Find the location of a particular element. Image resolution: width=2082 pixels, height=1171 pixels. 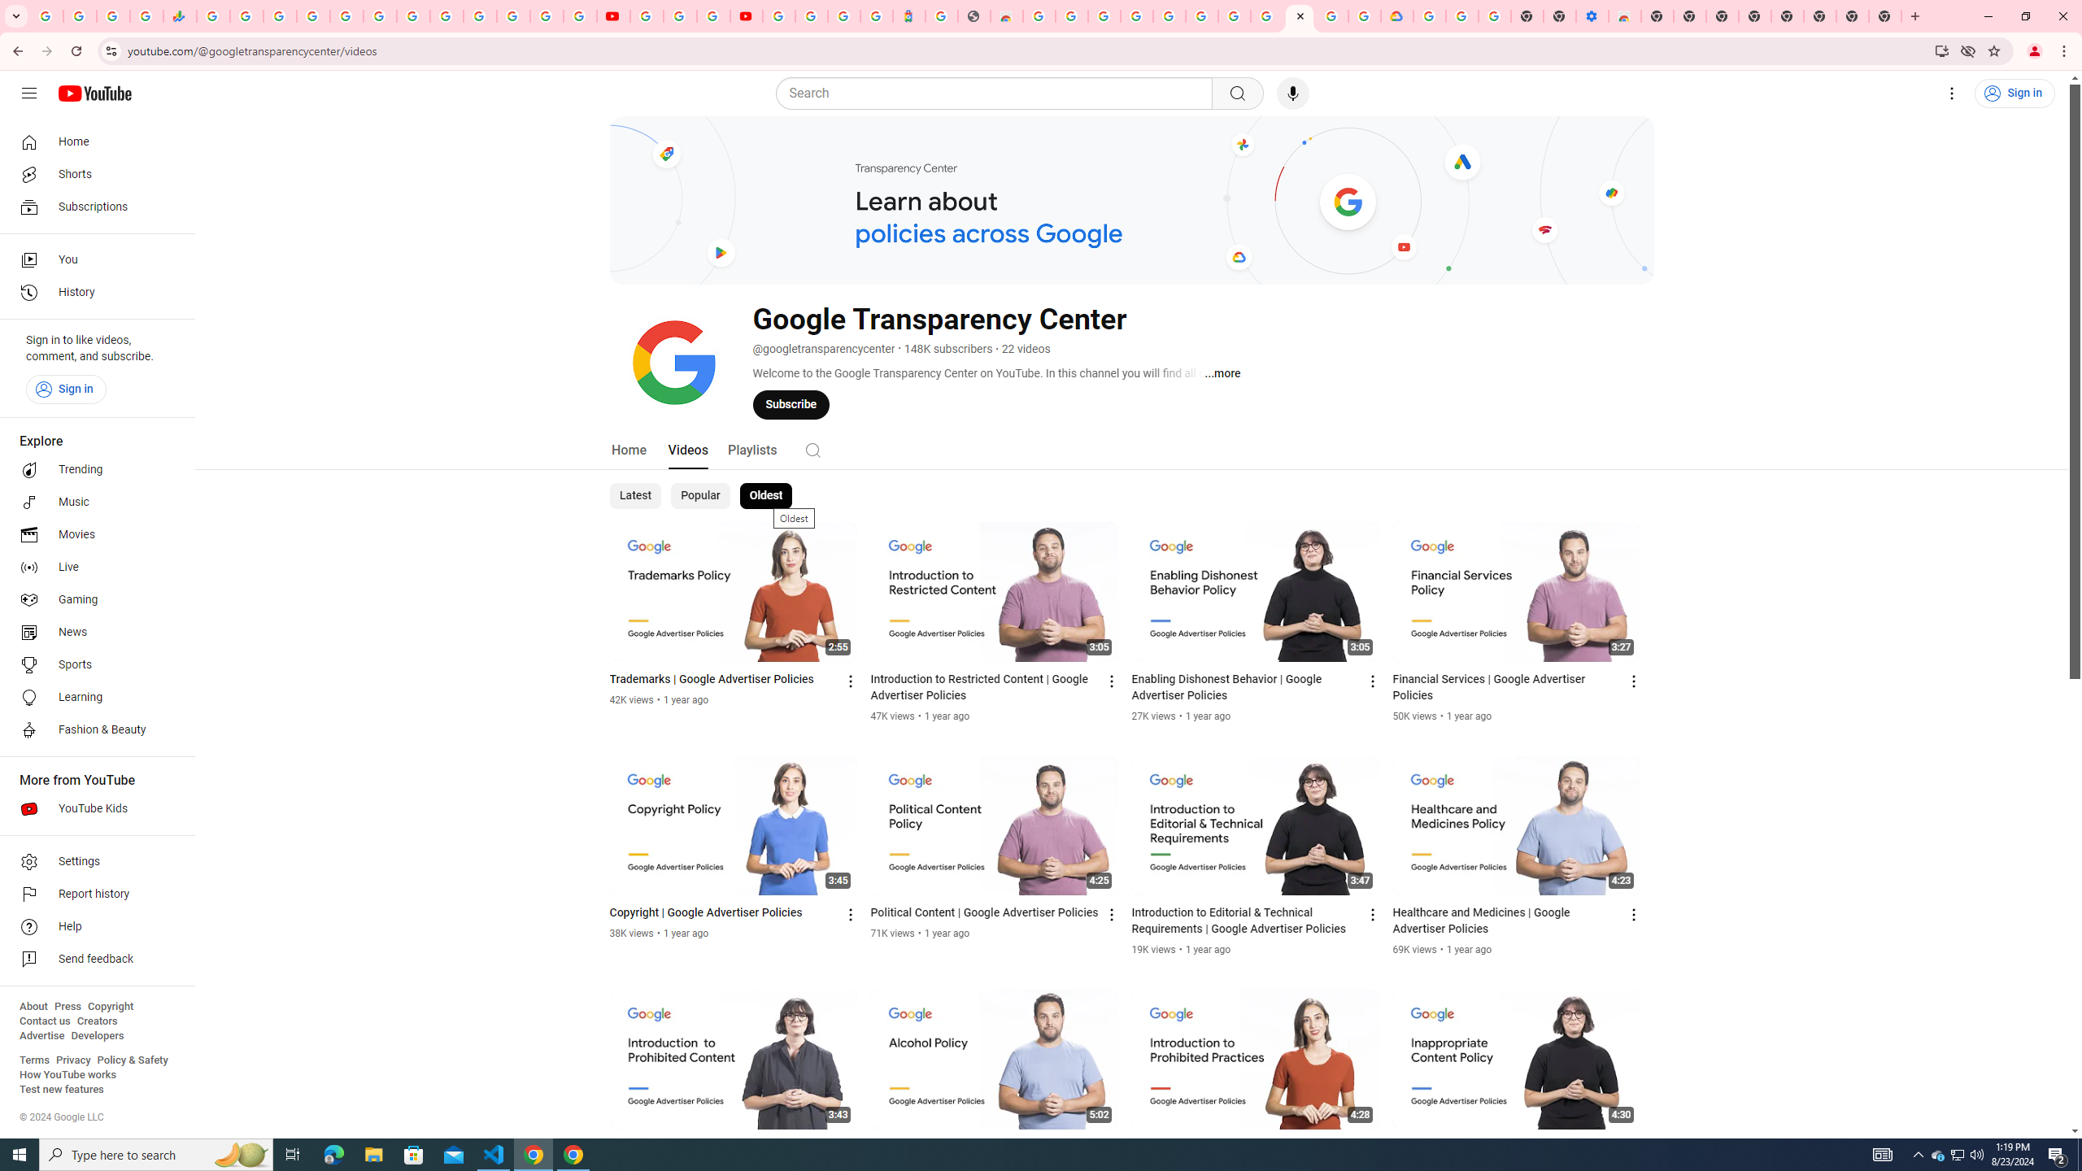

'Atour Hotel - Google hotels' is located at coordinates (908, 15).